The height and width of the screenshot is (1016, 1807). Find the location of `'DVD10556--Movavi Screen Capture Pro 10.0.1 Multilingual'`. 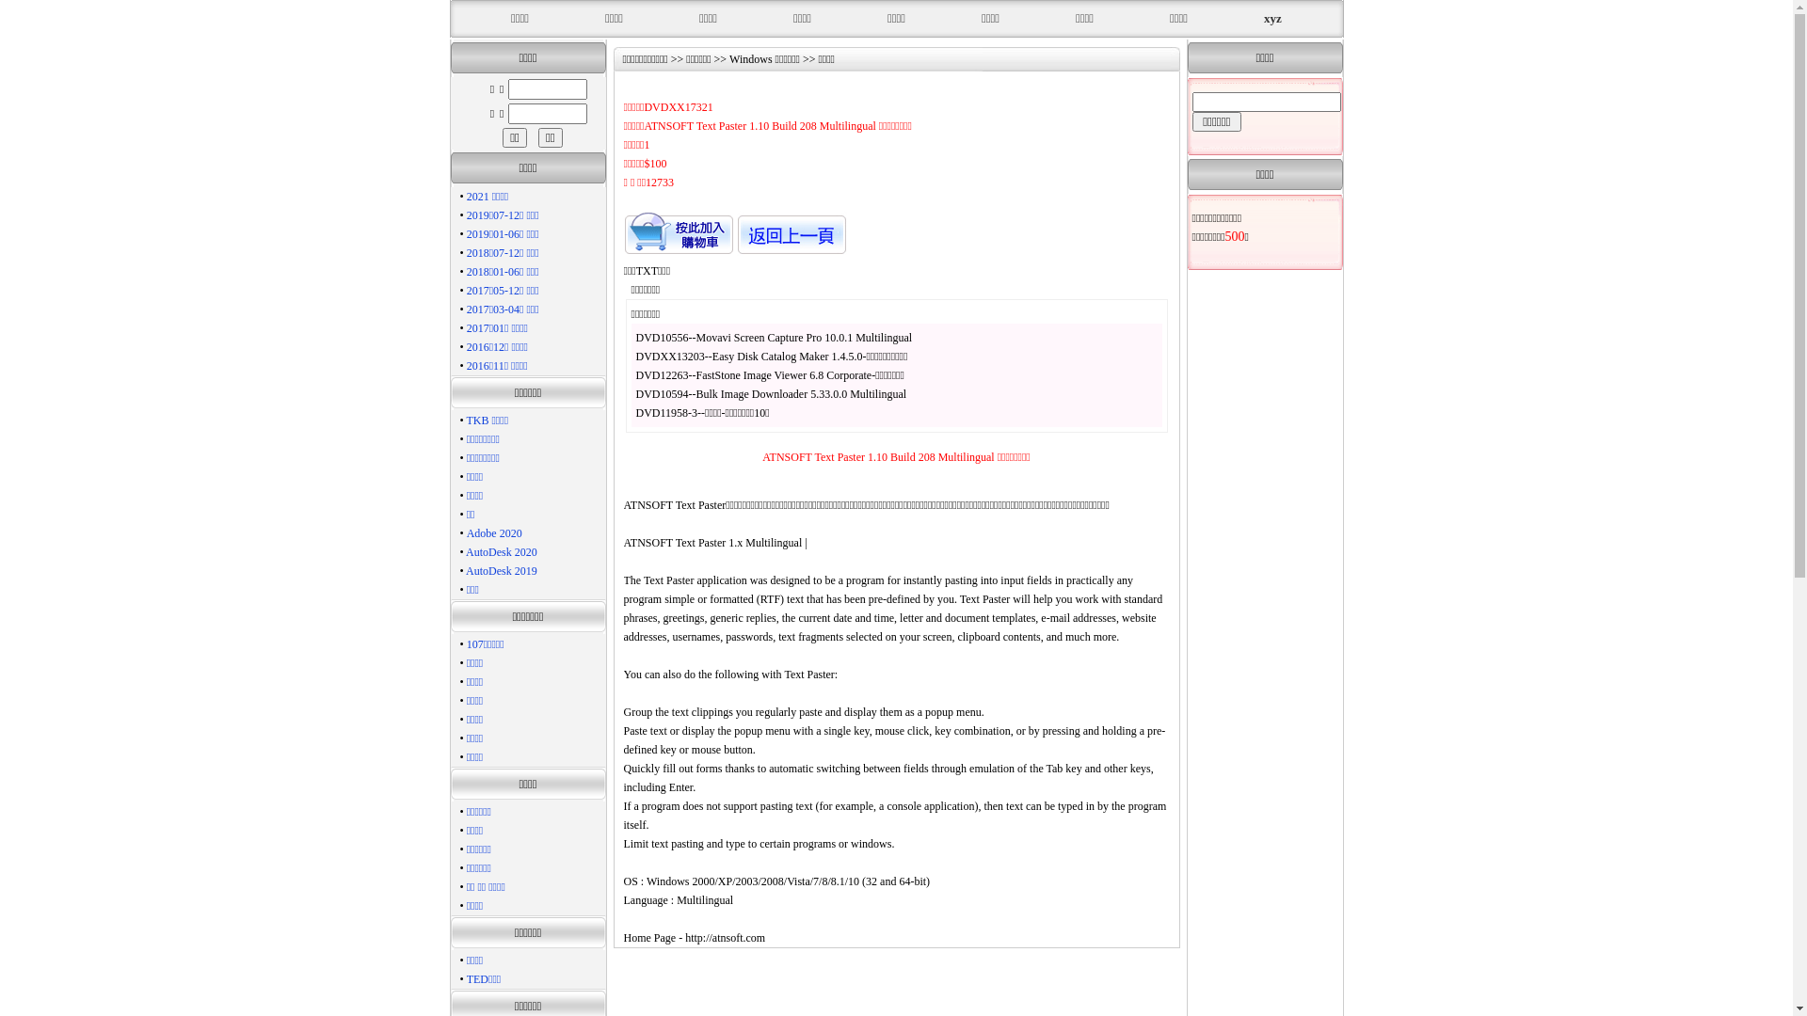

'DVD10556--Movavi Screen Capture Pro 10.0.1 Multilingual' is located at coordinates (774, 336).